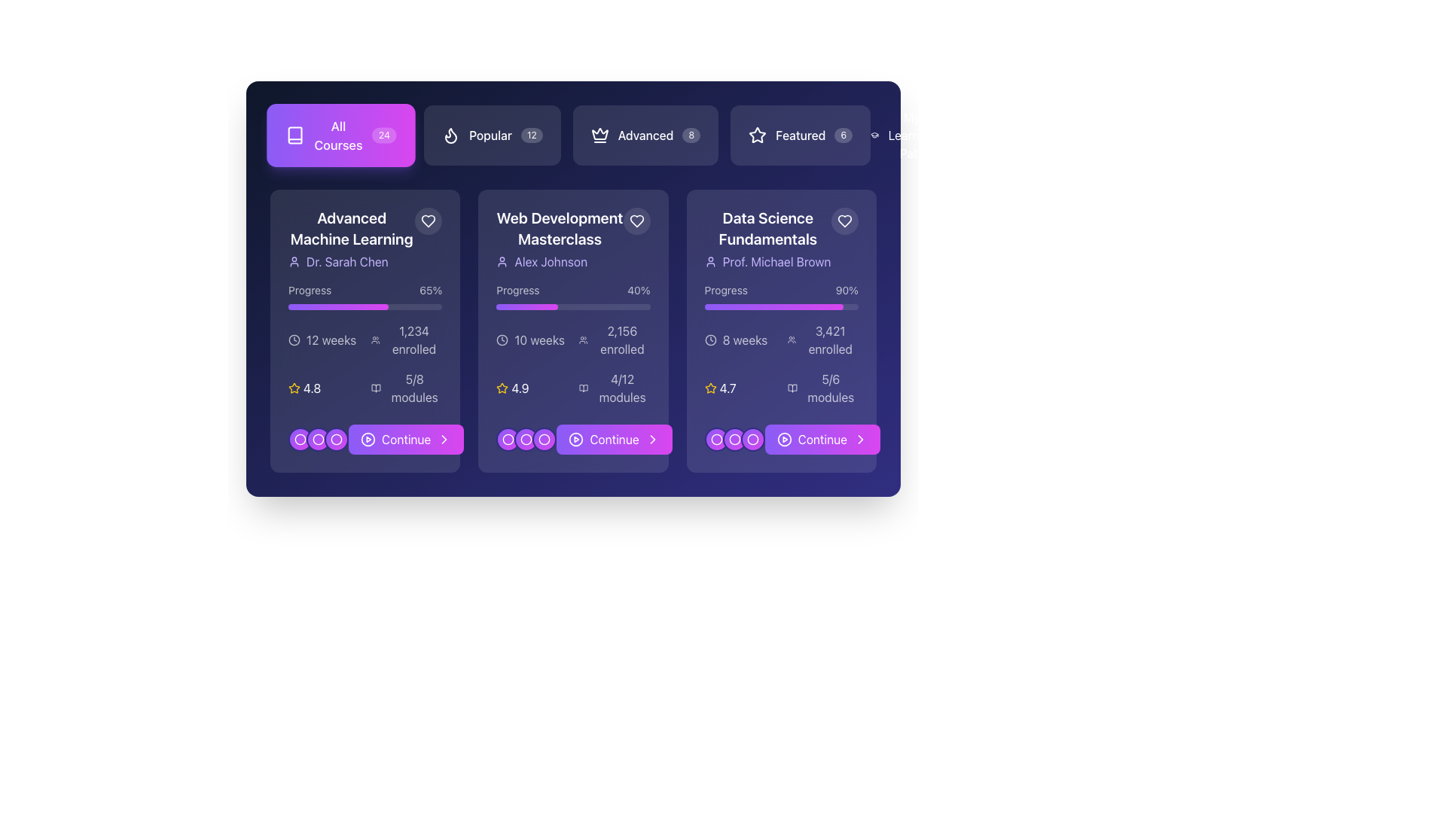 This screenshot has height=813, width=1446. What do you see at coordinates (767, 260) in the screenshot?
I see `the profile of 'Prof. Michael Brown' displayed` at bounding box center [767, 260].